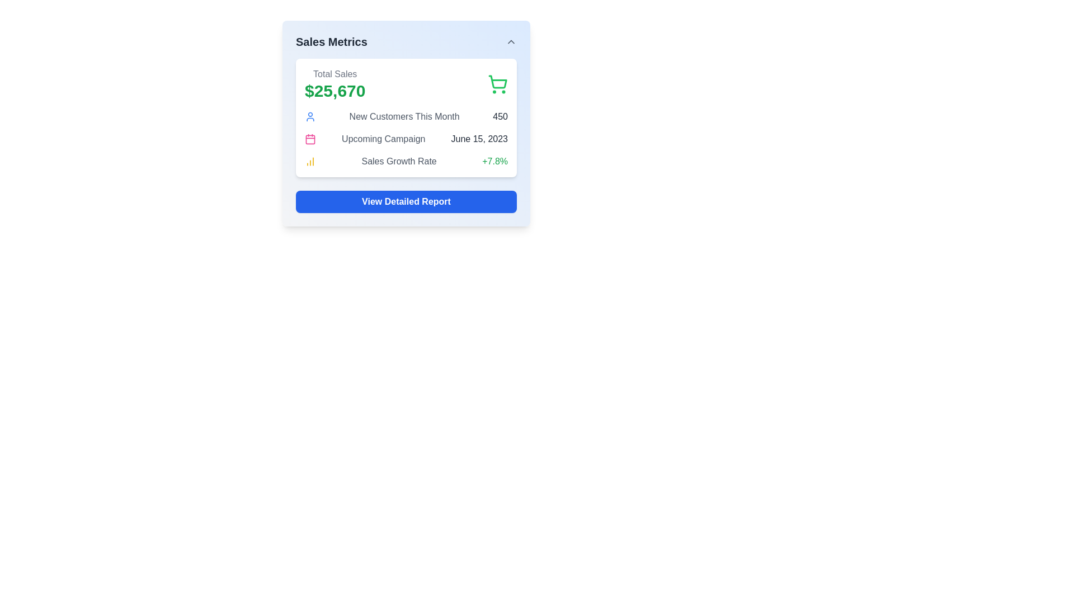 This screenshot has height=604, width=1074. I want to click on static text label displaying the value '+7.8%' in green color, which is located to the right of the 'Sales Growth Rate' label, so click(494, 162).